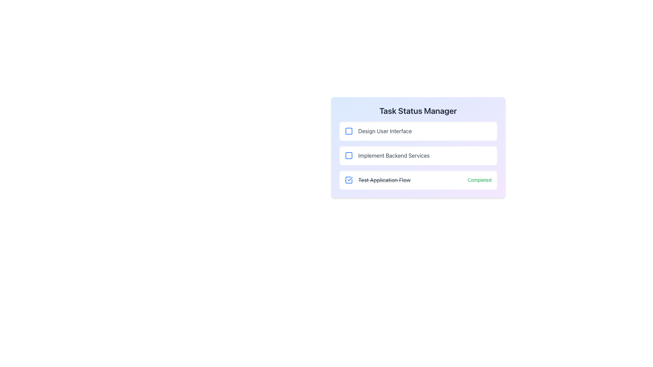  I want to click on the blue outlined checkbox with a rounded checkmark next to the grayed out text 'Test Application Flow', so click(349, 179).